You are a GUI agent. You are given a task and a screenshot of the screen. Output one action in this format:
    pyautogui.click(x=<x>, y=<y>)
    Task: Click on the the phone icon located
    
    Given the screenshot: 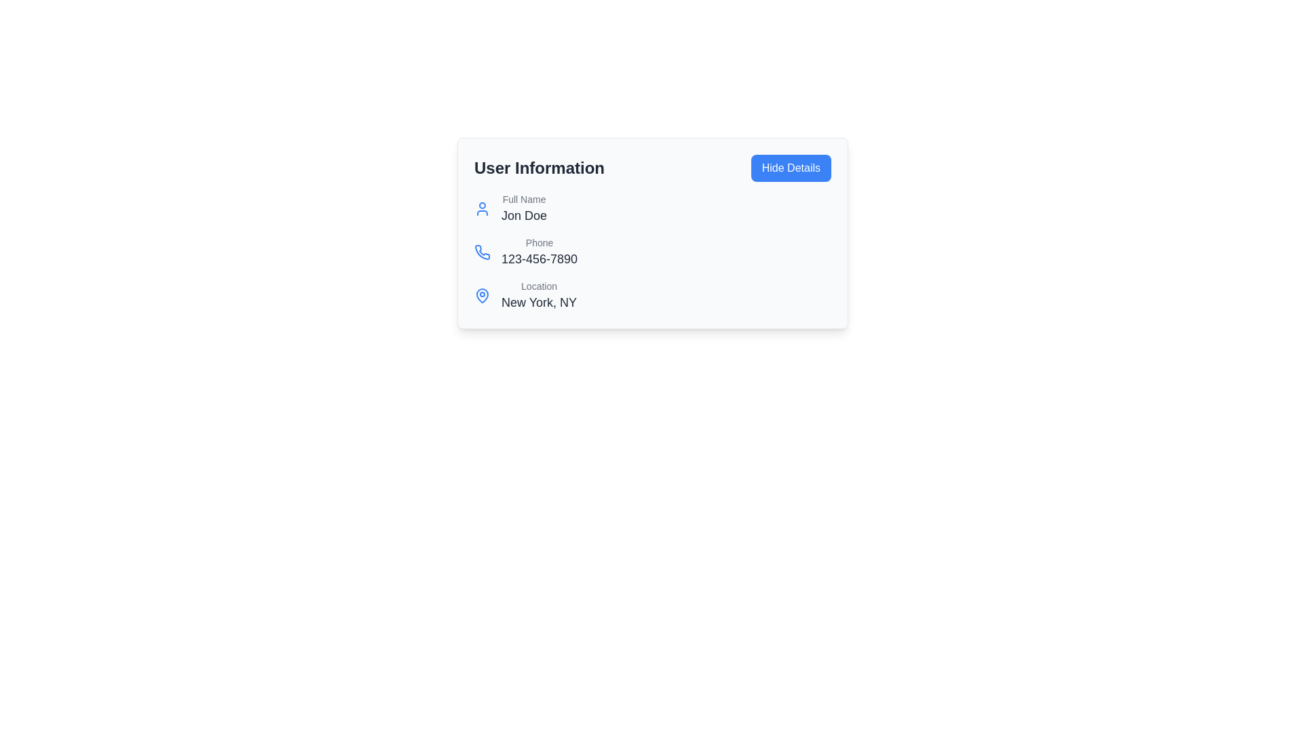 What is the action you would take?
    pyautogui.click(x=482, y=252)
    